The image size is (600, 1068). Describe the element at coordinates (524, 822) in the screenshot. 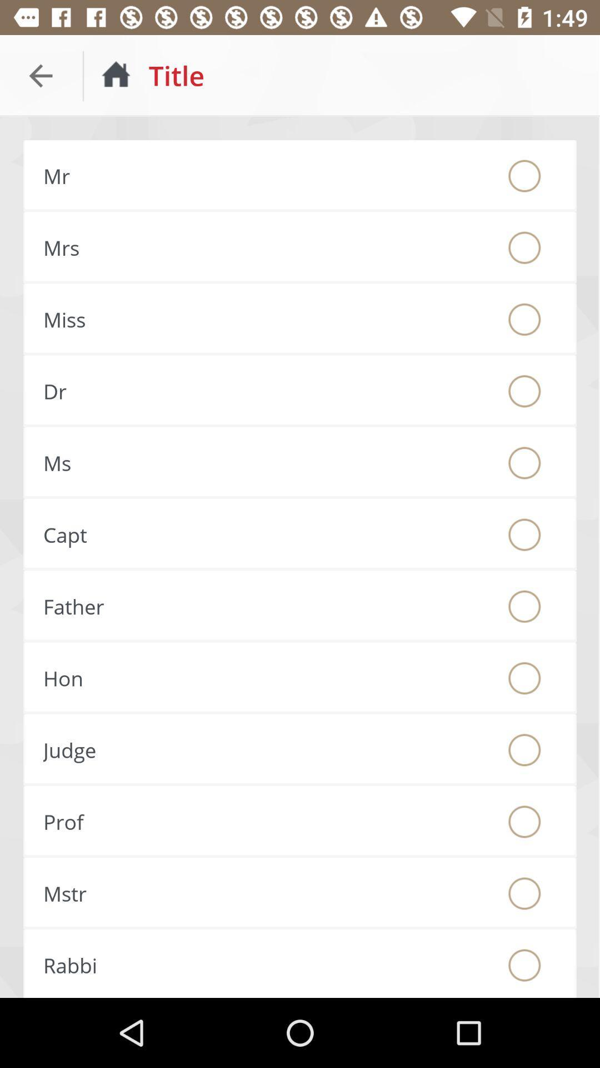

I see `teacher title` at that location.